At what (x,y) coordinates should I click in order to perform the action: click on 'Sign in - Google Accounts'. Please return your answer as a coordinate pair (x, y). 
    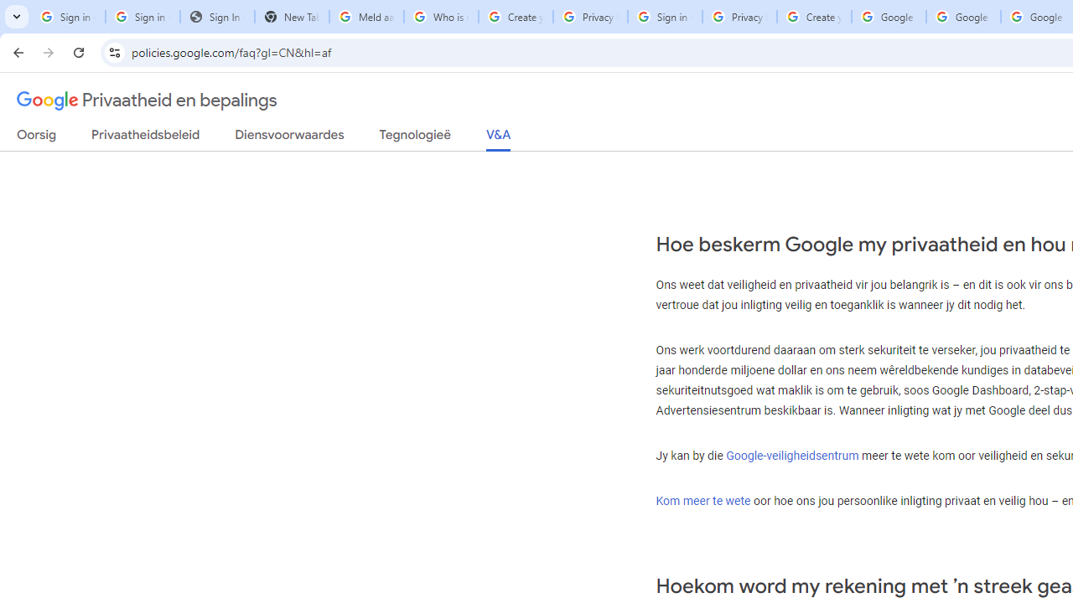
    Looking at the image, I should click on (143, 17).